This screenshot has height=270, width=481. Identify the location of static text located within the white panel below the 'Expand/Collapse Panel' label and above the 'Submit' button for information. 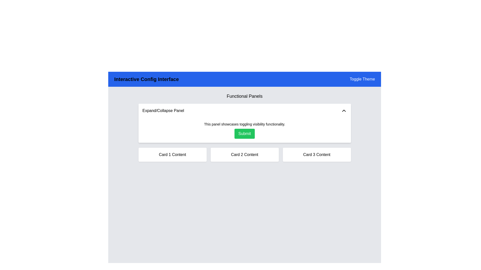
(245, 124).